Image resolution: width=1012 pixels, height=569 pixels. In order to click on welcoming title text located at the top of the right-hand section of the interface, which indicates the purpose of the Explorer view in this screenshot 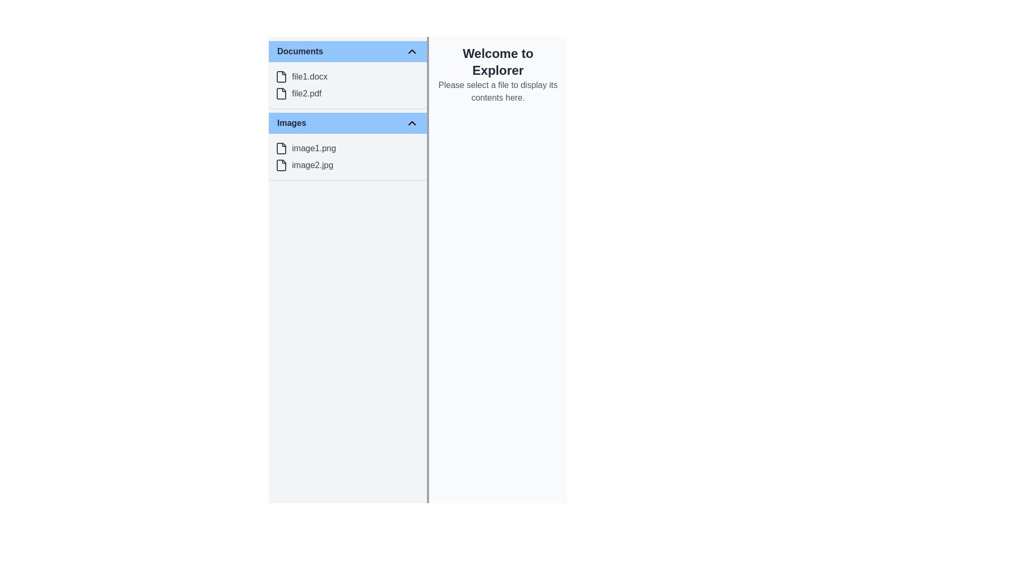, I will do `click(498, 62)`.